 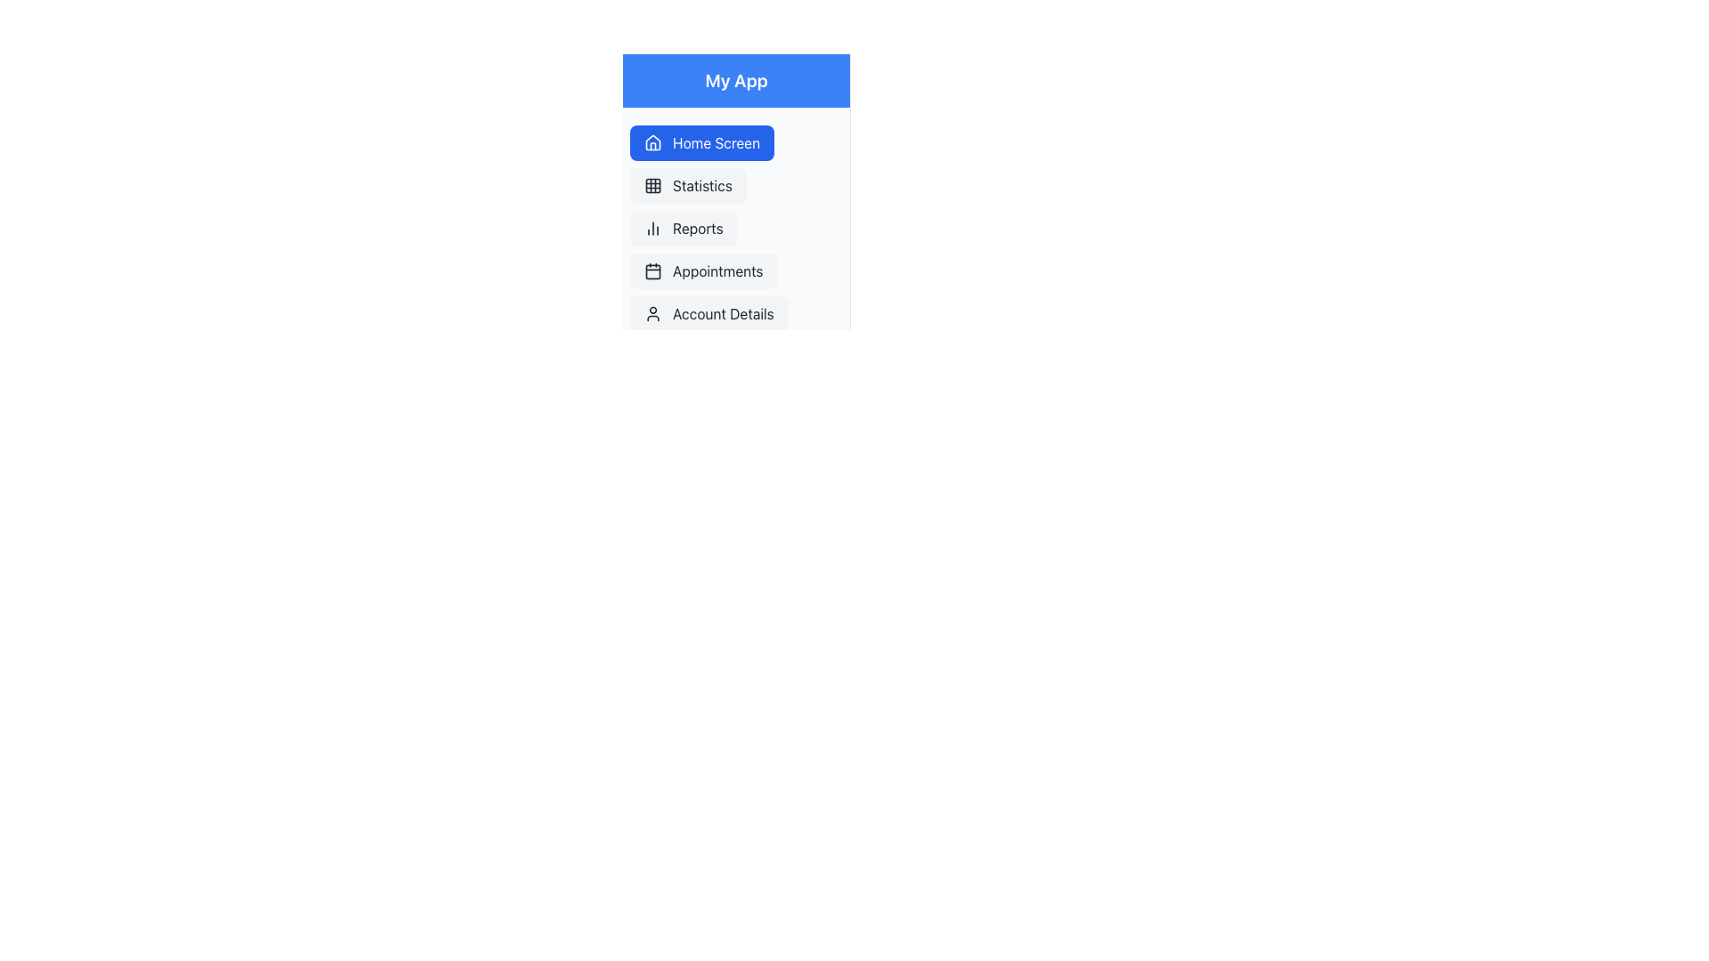 I want to click on the vertical bar chart icon located to the left of the 'Reports' entry in the side navigation menu, so click(x=652, y=228).